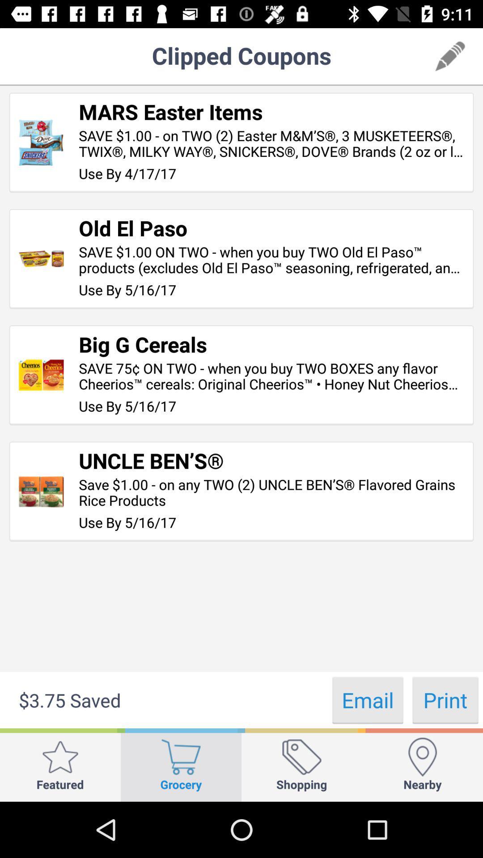 This screenshot has width=483, height=858. What do you see at coordinates (368, 699) in the screenshot?
I see `the item to the left of the print icon` at bounding box center [368, 699].